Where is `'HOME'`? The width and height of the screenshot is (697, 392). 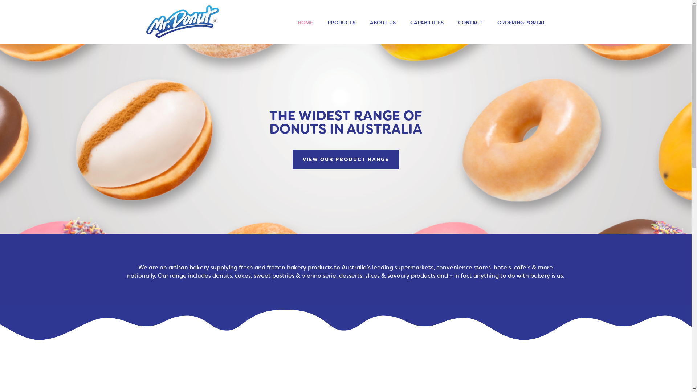
'HOME' is located at coordinates (305, 21).